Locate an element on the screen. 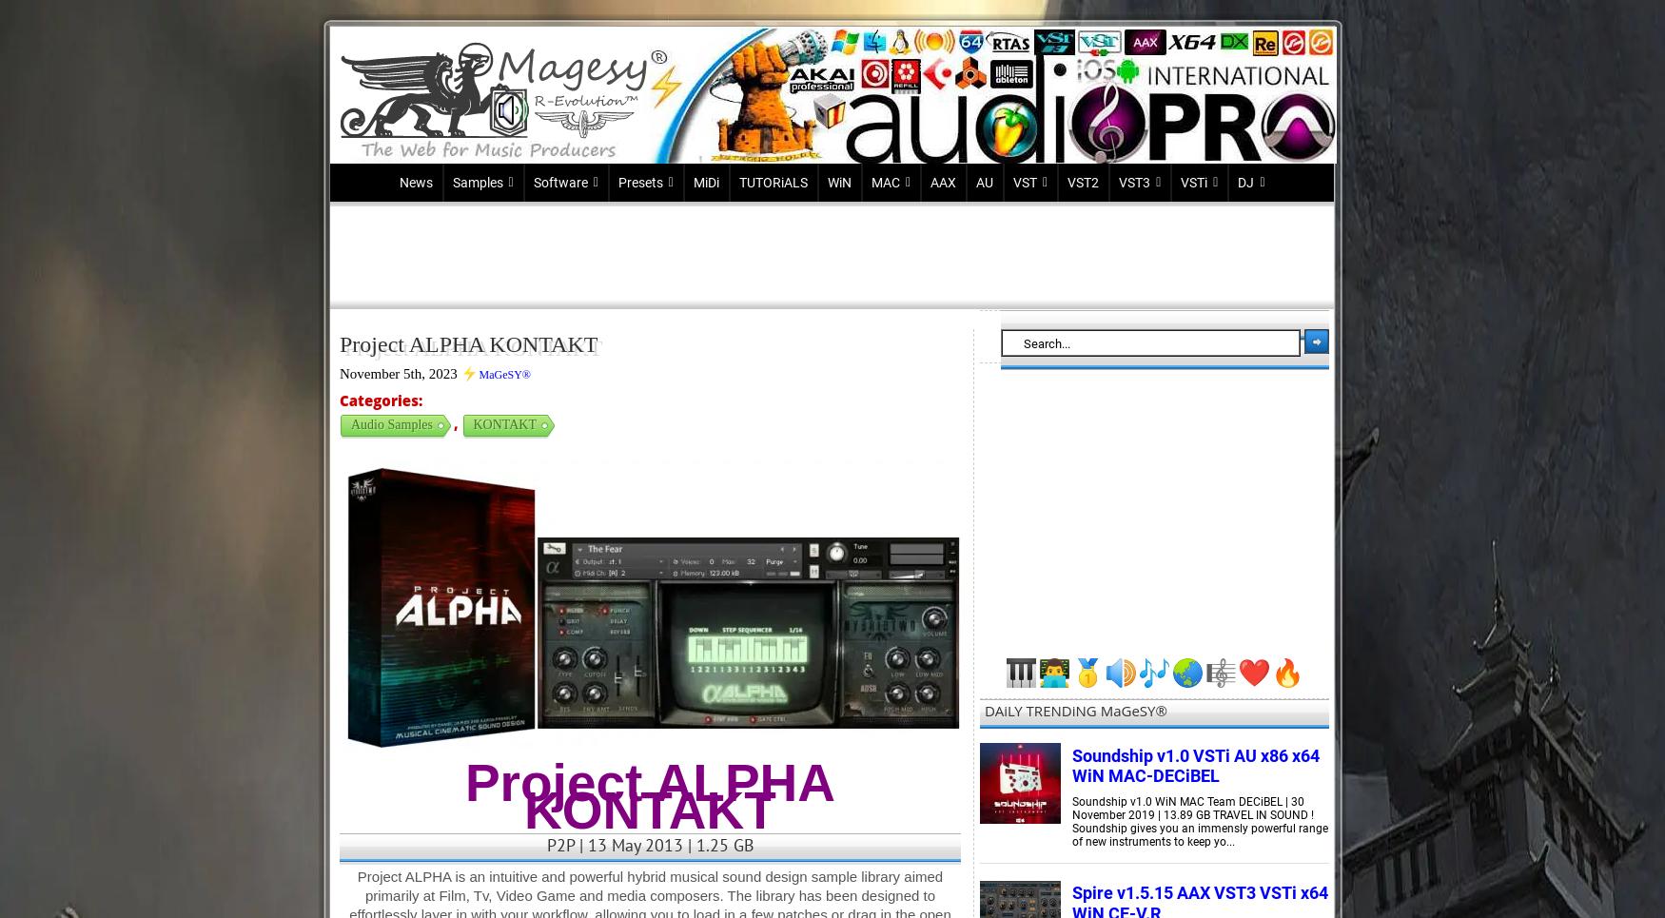  'MAGiX' is located at coordinates (553, 316).